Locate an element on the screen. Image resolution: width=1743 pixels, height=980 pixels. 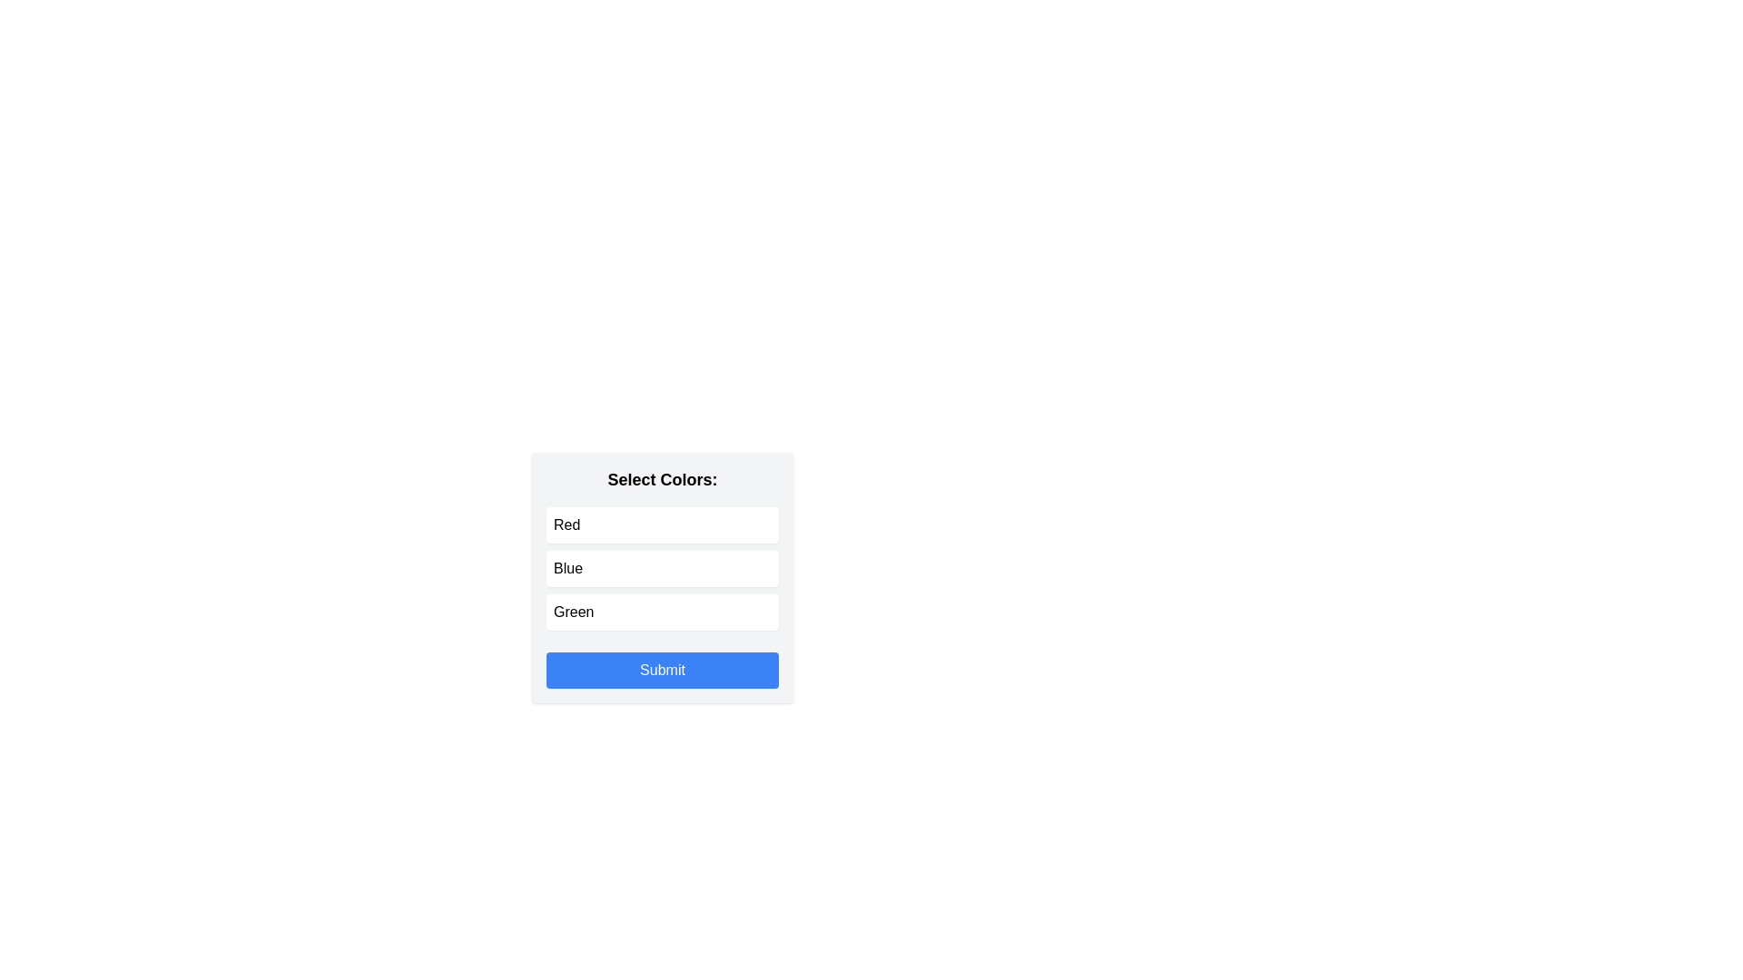
the first selectable list item representing the color option 'Red' under the title 'Select Colors:' is located at coordinates (661, 524).